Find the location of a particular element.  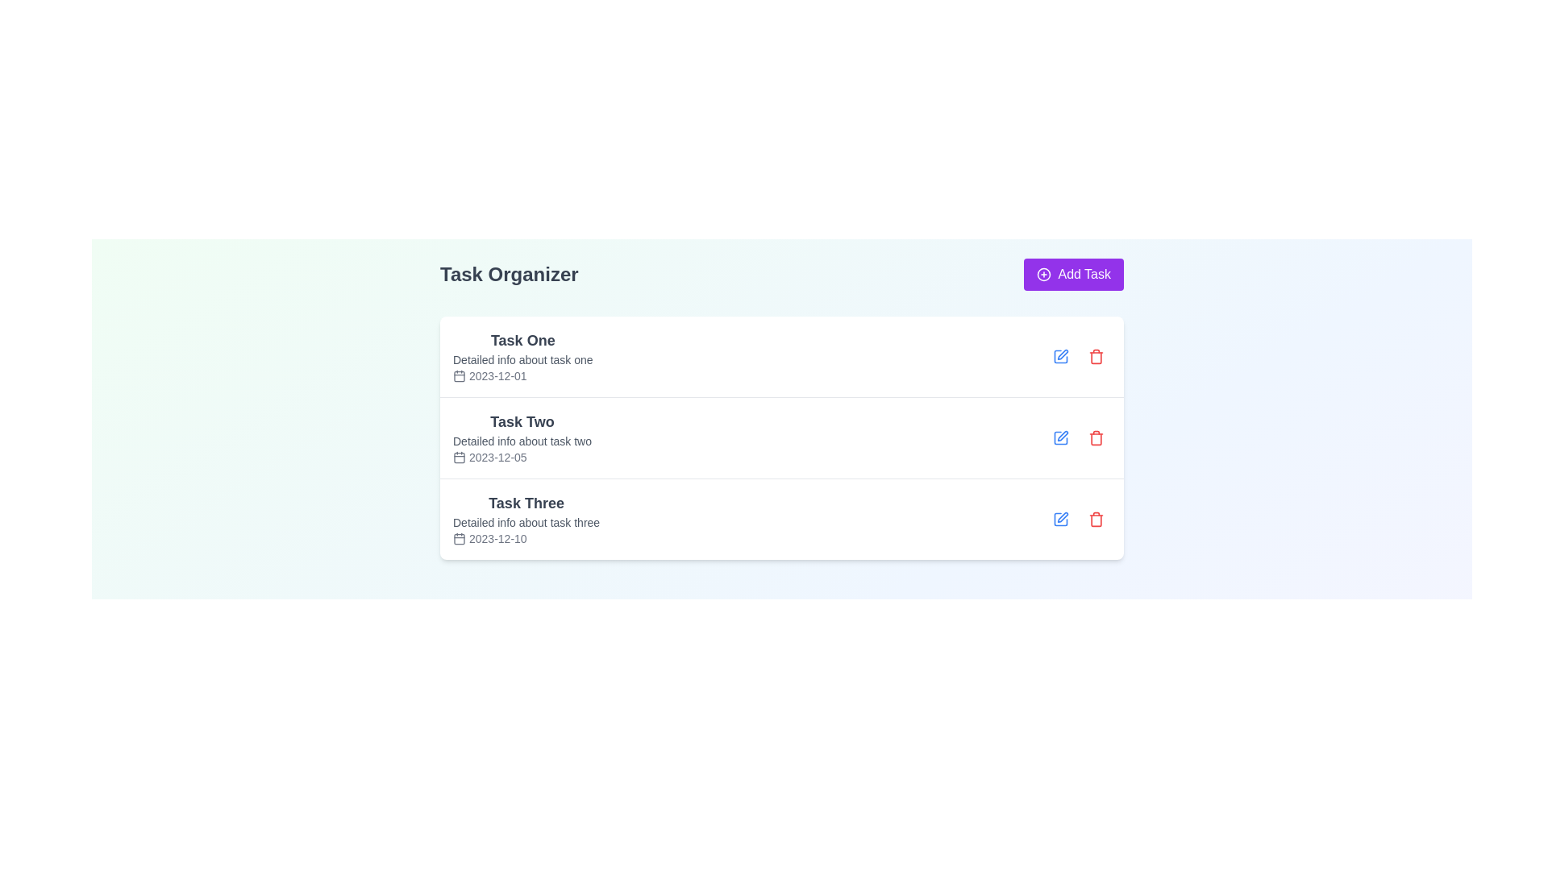

the outermost circular boundary of the plus-circle icon located inside the purple 'Add Task' button, which is centrally aligned within the button is located at coordinates (1044, 273).